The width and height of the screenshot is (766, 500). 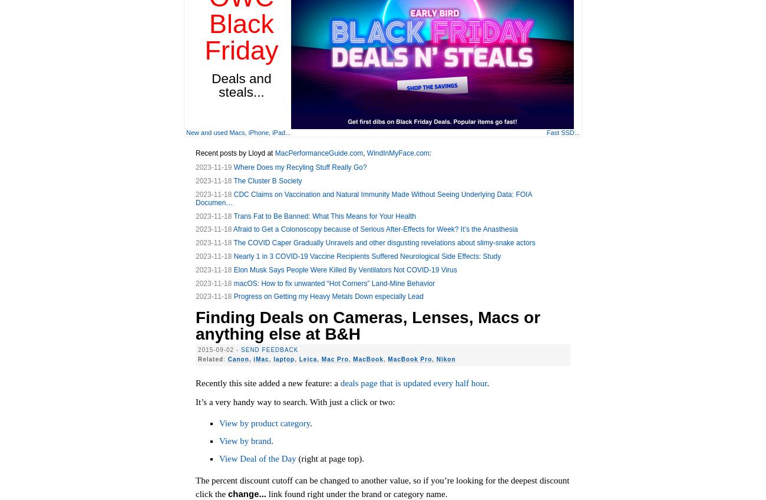 What do you see at coordinates (368, 359) in the screenshot?
I see `'MacBook'` at bounding box center [368, 359].